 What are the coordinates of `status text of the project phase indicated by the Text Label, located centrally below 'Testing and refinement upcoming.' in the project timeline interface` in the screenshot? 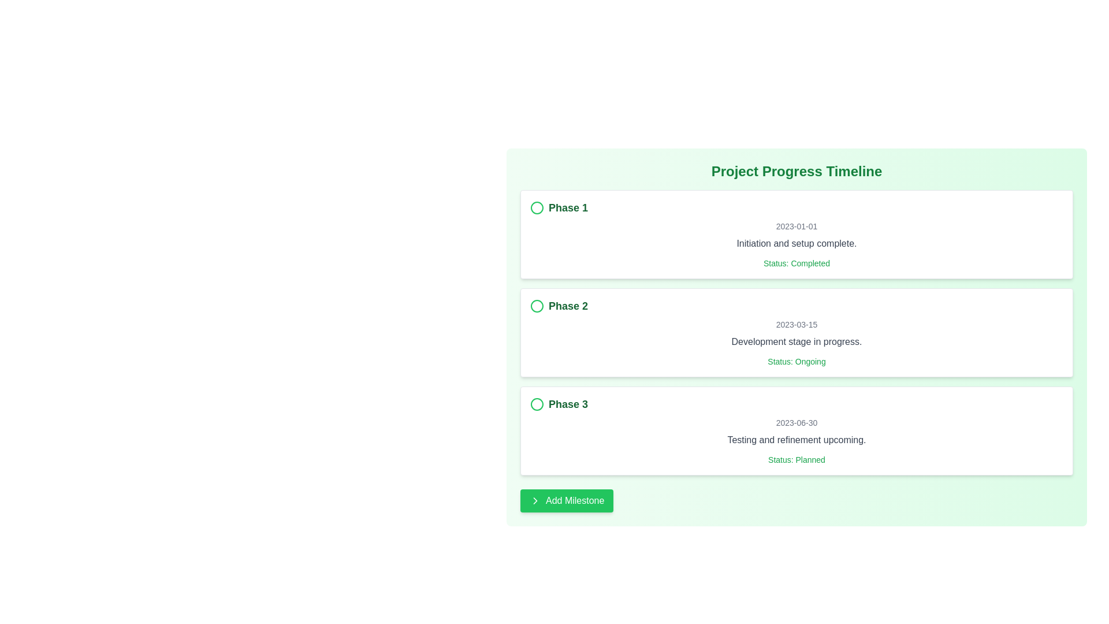 It's located at (796, 459).